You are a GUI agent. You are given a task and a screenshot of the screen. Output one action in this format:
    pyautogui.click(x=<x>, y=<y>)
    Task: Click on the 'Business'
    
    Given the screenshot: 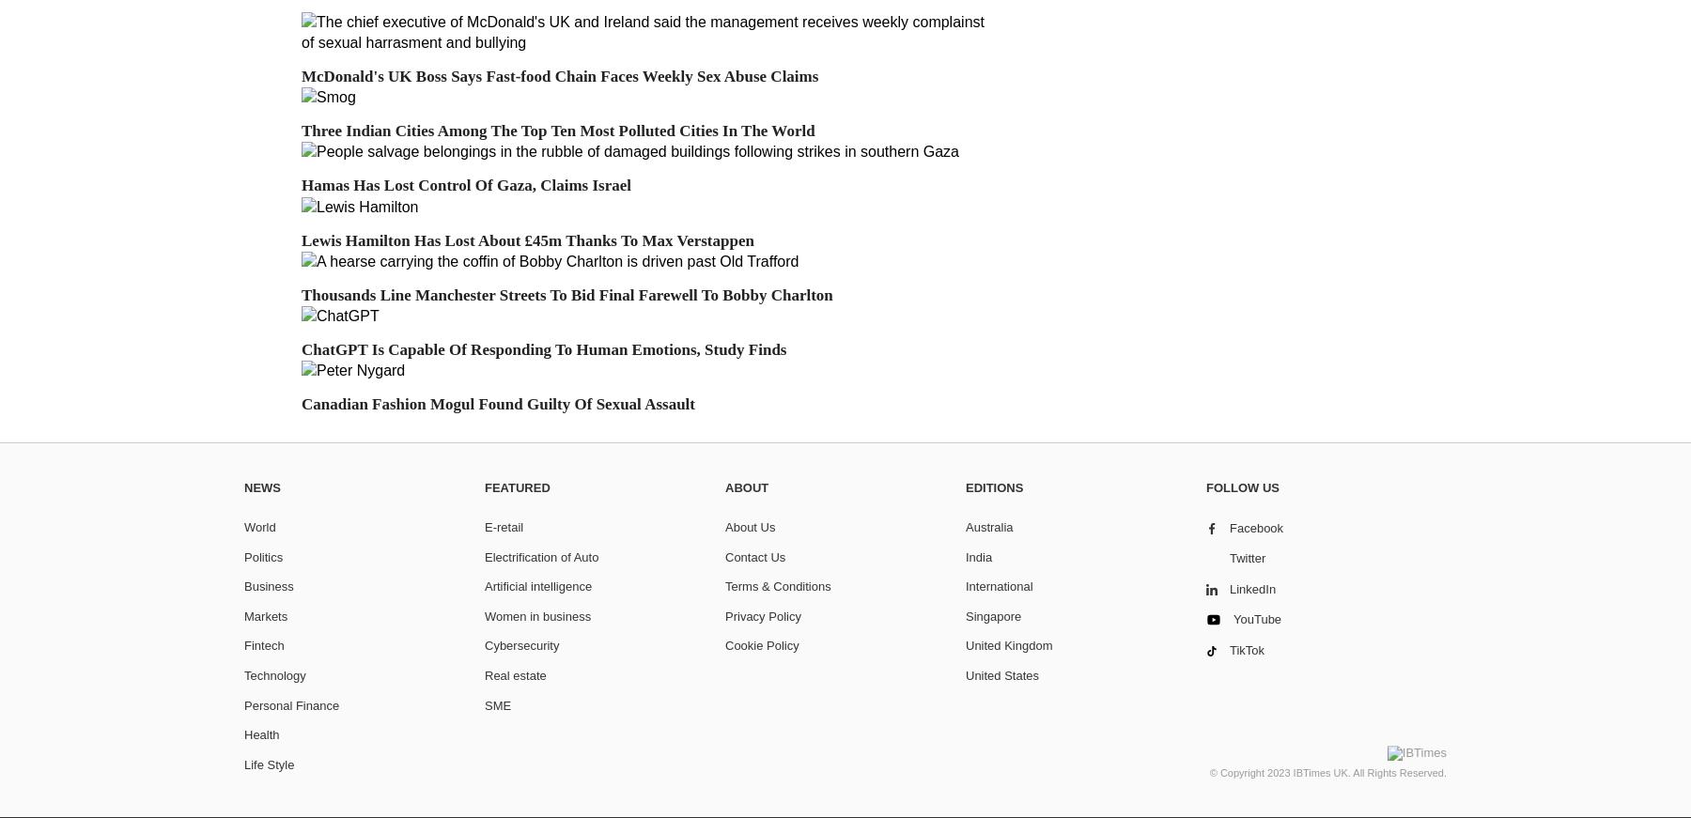 What is the action you would take?
    pyautogui.click(x=268, y=585)
    